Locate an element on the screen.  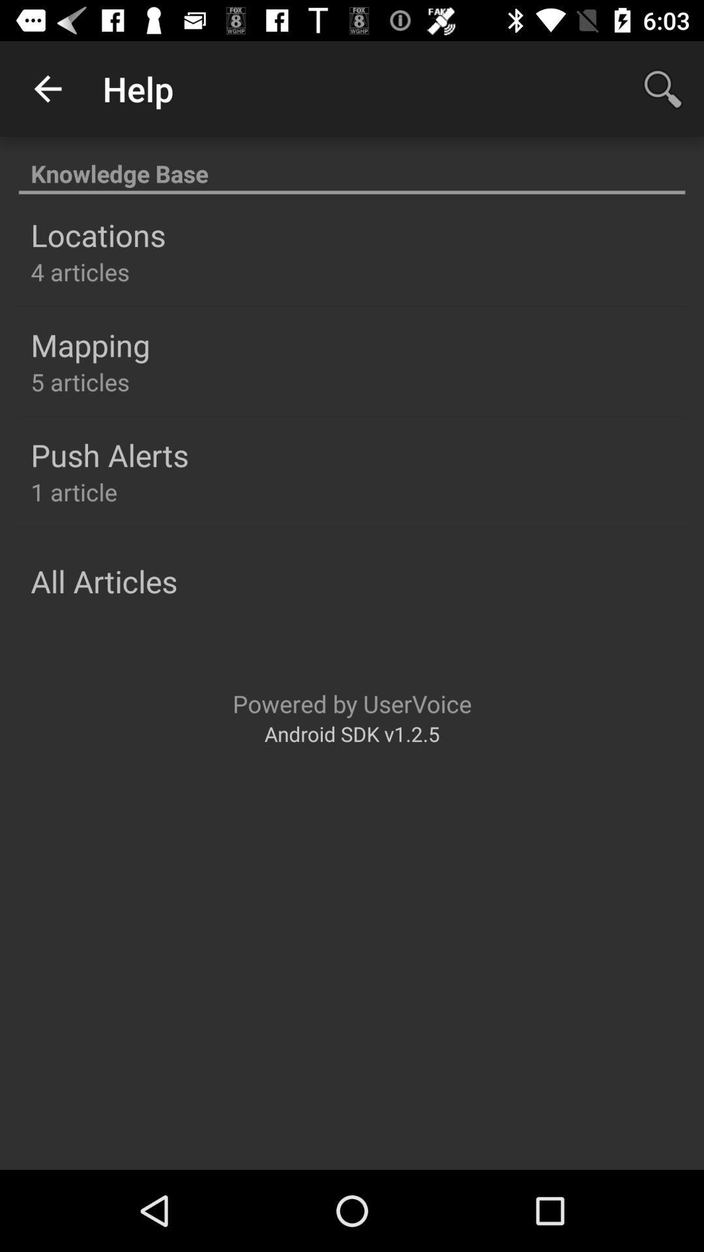
the icon above the 5 articles item is located at coordinates (89, 345).